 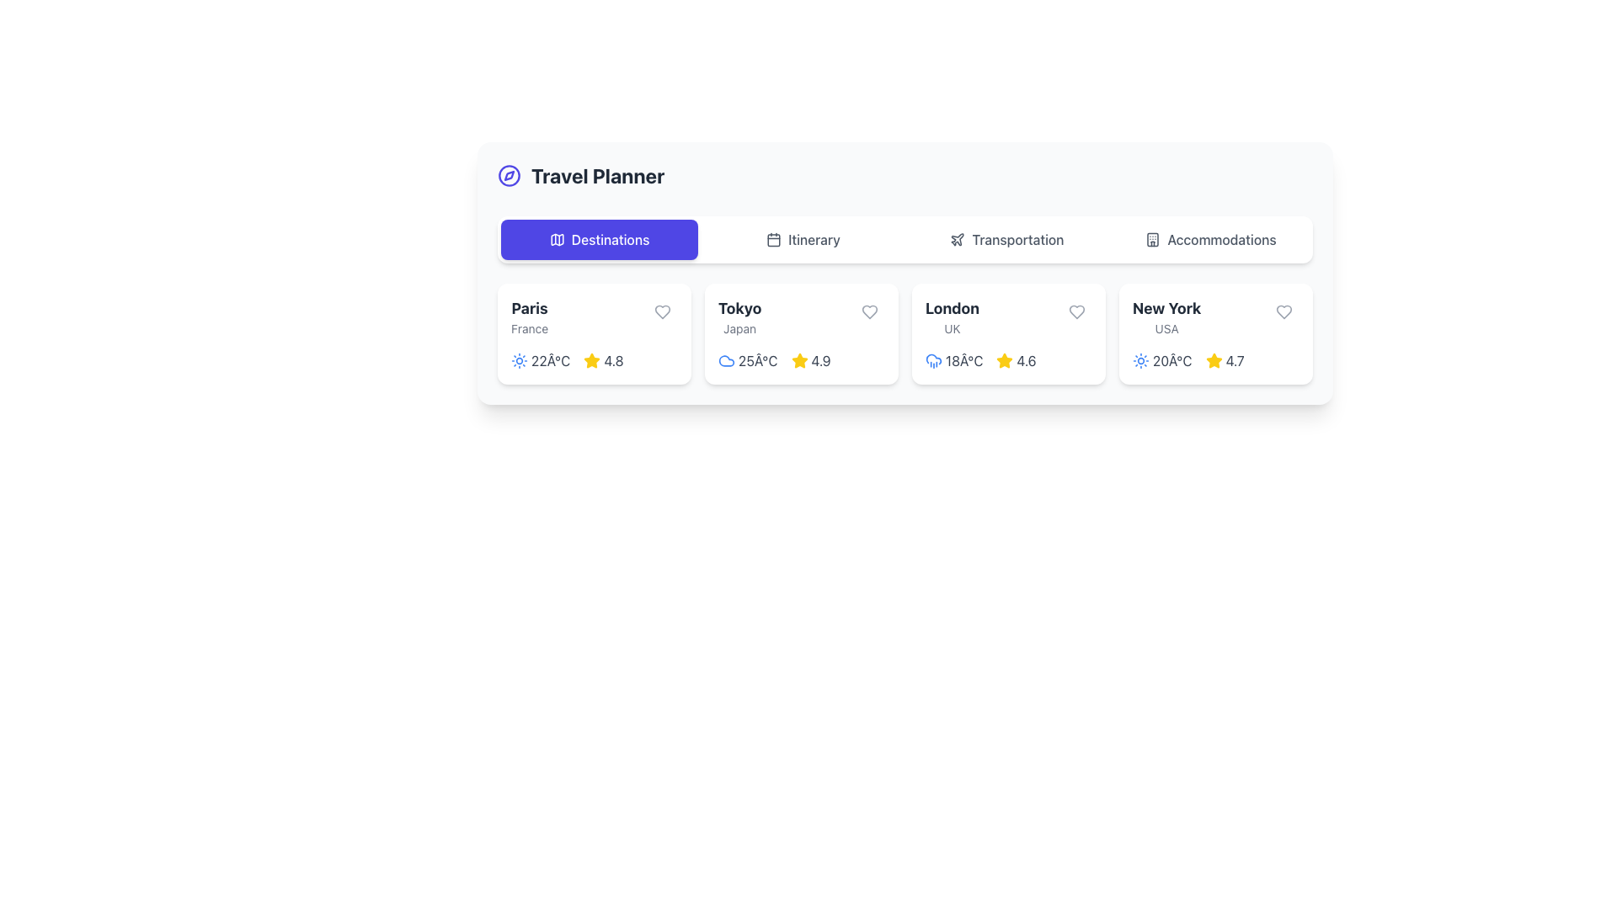 What do you see at coordinates (599, 240) in the screenshot?
I see `the 'Destinations' button, which has a purple background, white text, and a map icon` at bounding box center [599, 240].